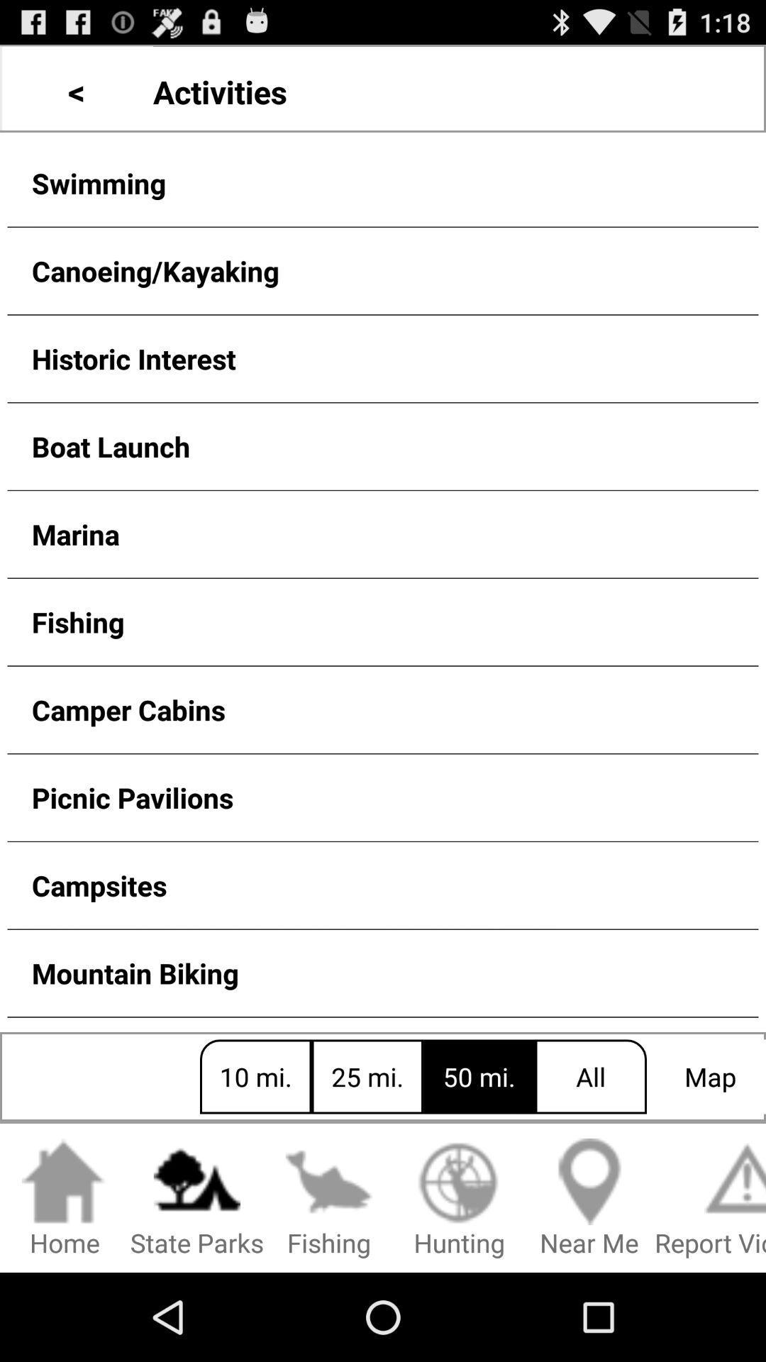  What do you see at coordinates (196, 1198) in the screenshot?
I see `the icon to the right of the home` at bounding box center [196, 1198].